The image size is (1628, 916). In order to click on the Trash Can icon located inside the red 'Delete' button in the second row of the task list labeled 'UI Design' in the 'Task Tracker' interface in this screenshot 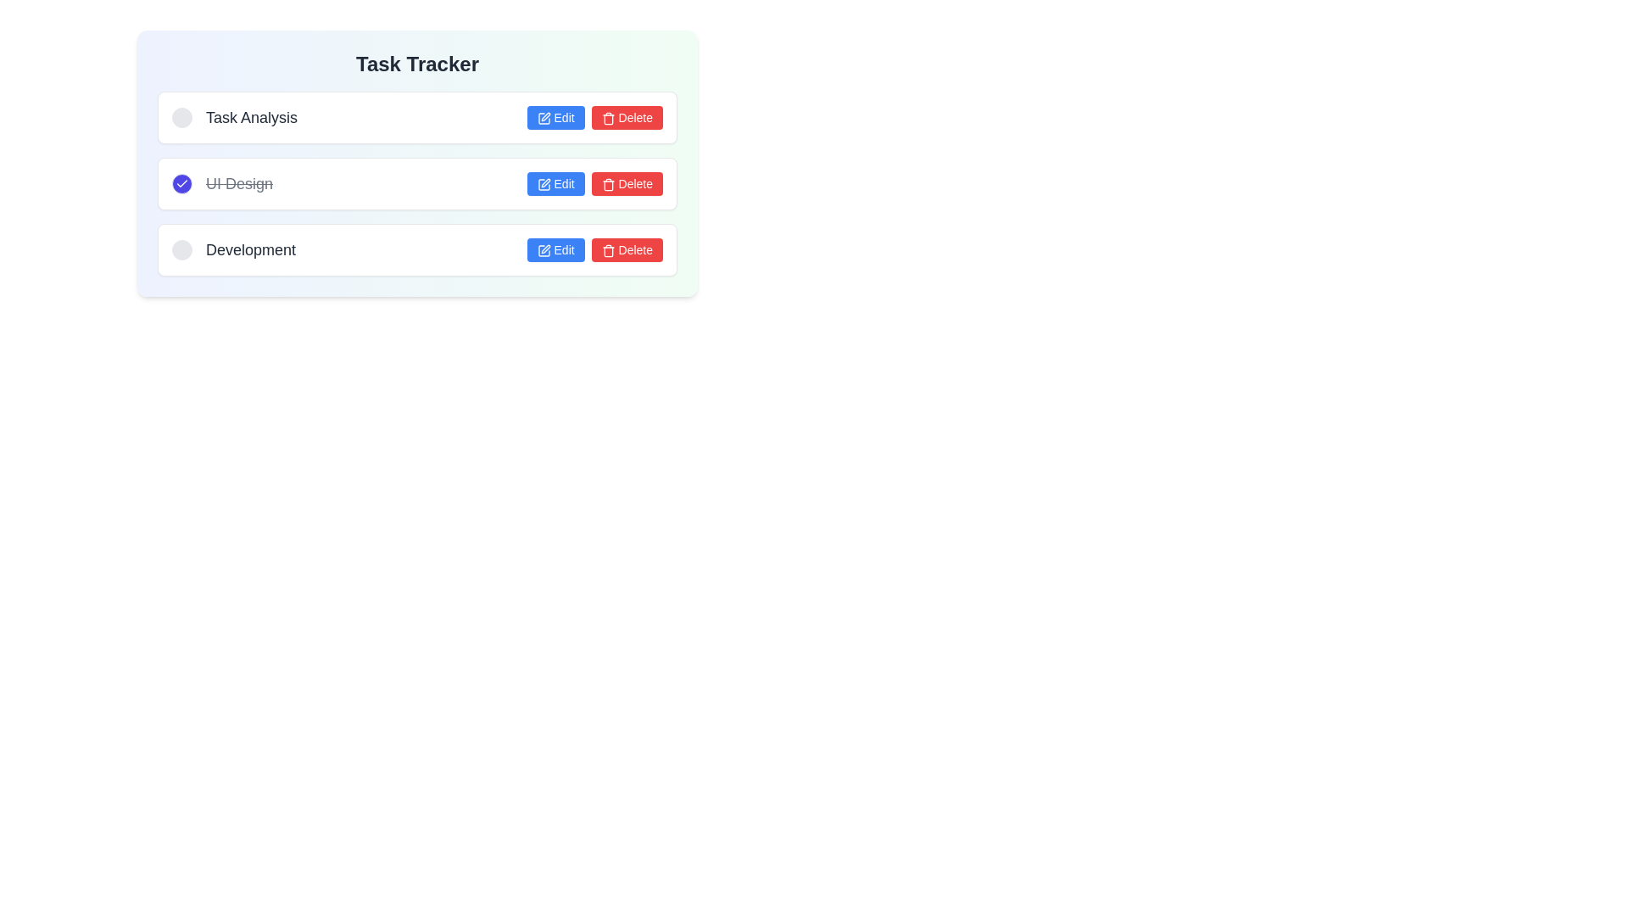, I will do `click(608, 119)`.